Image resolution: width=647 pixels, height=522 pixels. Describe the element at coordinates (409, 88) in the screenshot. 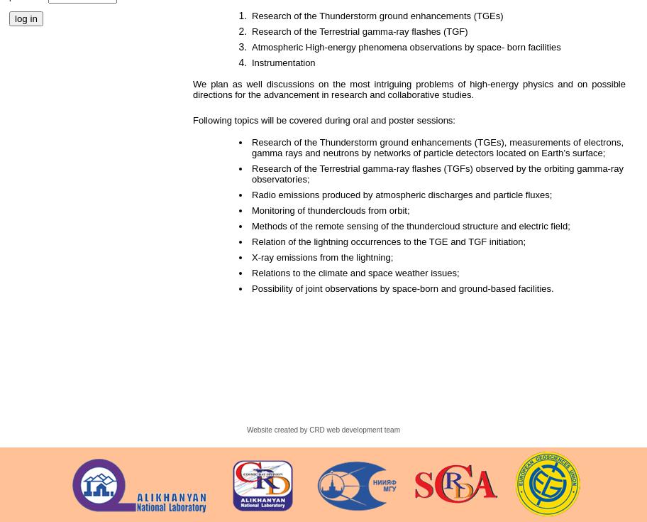

I see `'We plan as well discussions on the most intriguing problems of high-energy physics and on possible directions for the advancement in research and collaborative studies.'` at that location.